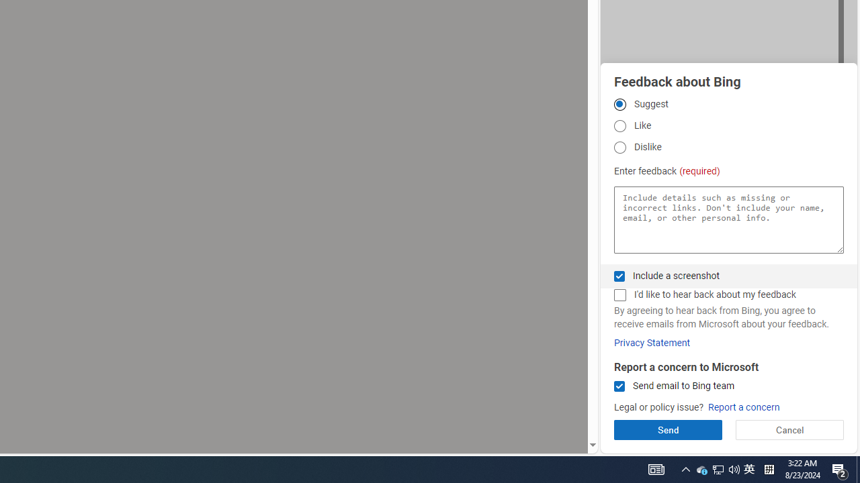  What do you see at coordinates (652, 342) in the screenshot?
I see `'Privacy Statement'` at bounding box center [652, 342].